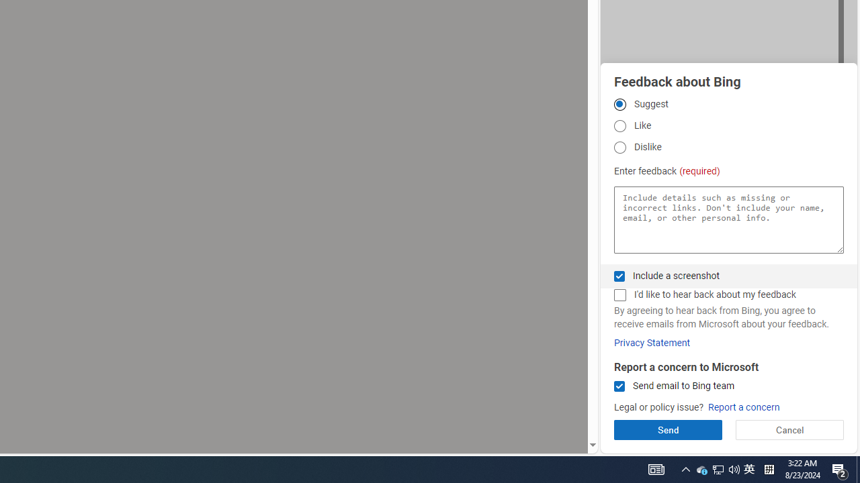  What do you see at coordinates (652, 342) in the screenshot?
I see `'Privacy Statement'` at bounding box center [652, 342].